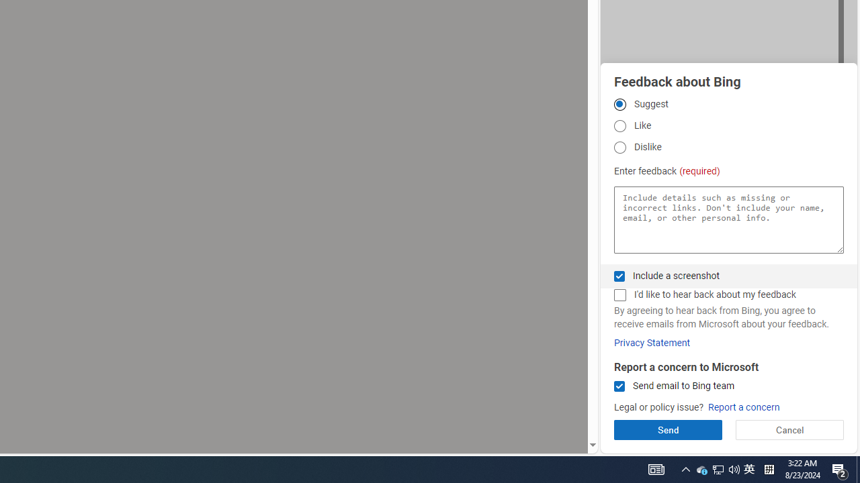  What do you see at coordinates (652, 342) in the screenshot?
I see `'Privacy Statement'` at bounding box center [652, 342].